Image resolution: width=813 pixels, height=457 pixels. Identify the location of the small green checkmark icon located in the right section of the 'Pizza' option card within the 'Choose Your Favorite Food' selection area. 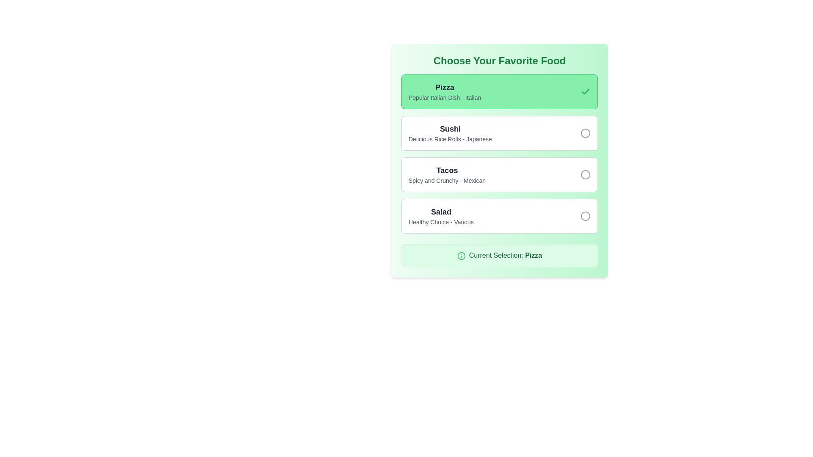
(585, 91).